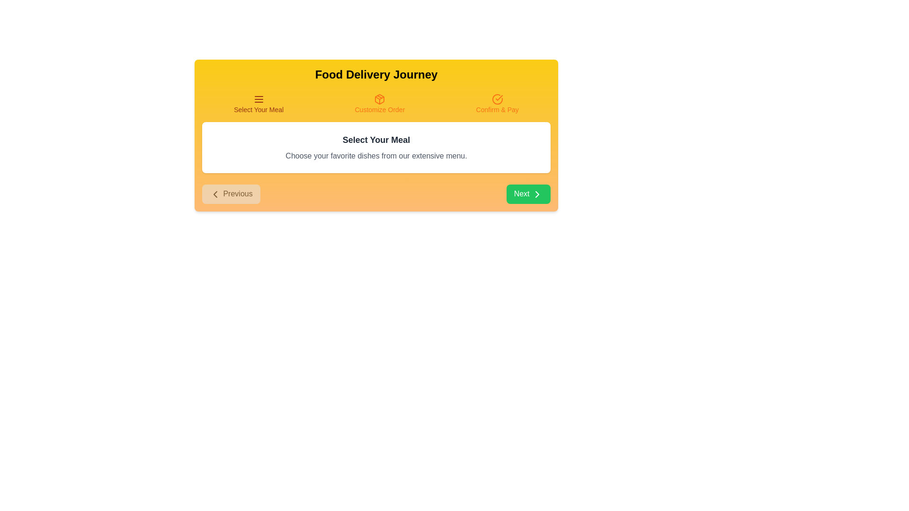  What do you see at coordinates (497, 104) in the screenshot?
I see `the third button in the navigation panel, which confirms and proceeds to payment` at bounding box center [497, 104].